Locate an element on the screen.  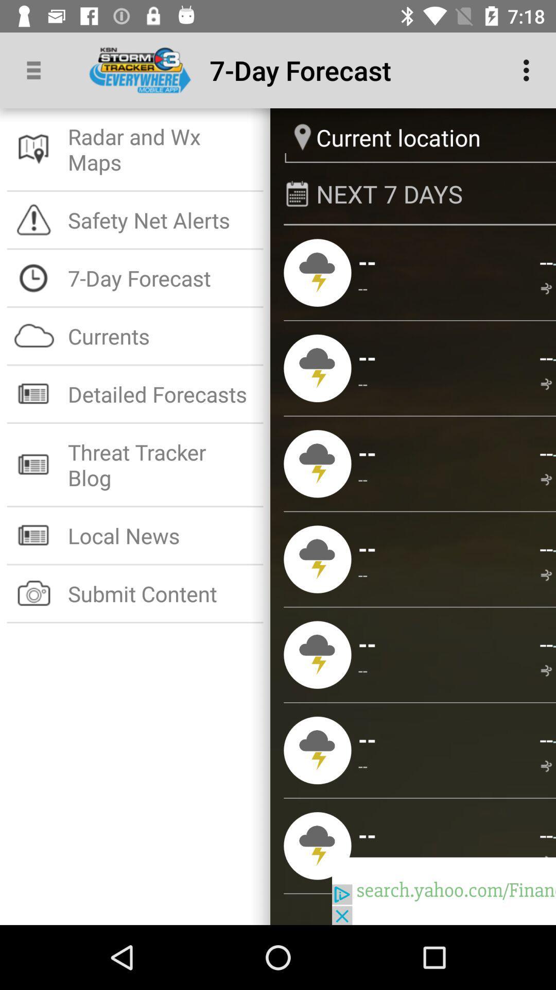
advertisement is located at coordinates (443, 890).